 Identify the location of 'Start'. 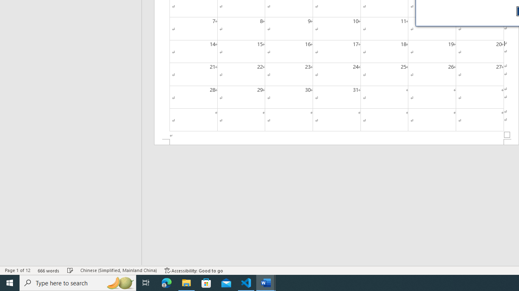
(10, 282).